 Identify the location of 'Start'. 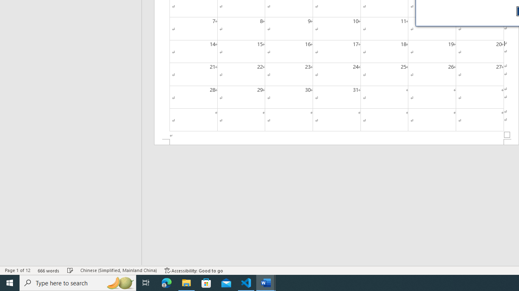
(10, 282).